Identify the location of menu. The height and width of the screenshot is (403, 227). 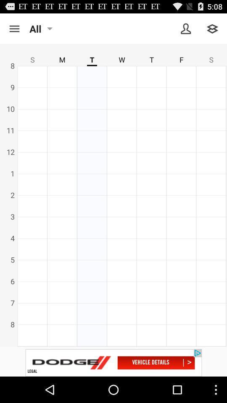
(14, 29).